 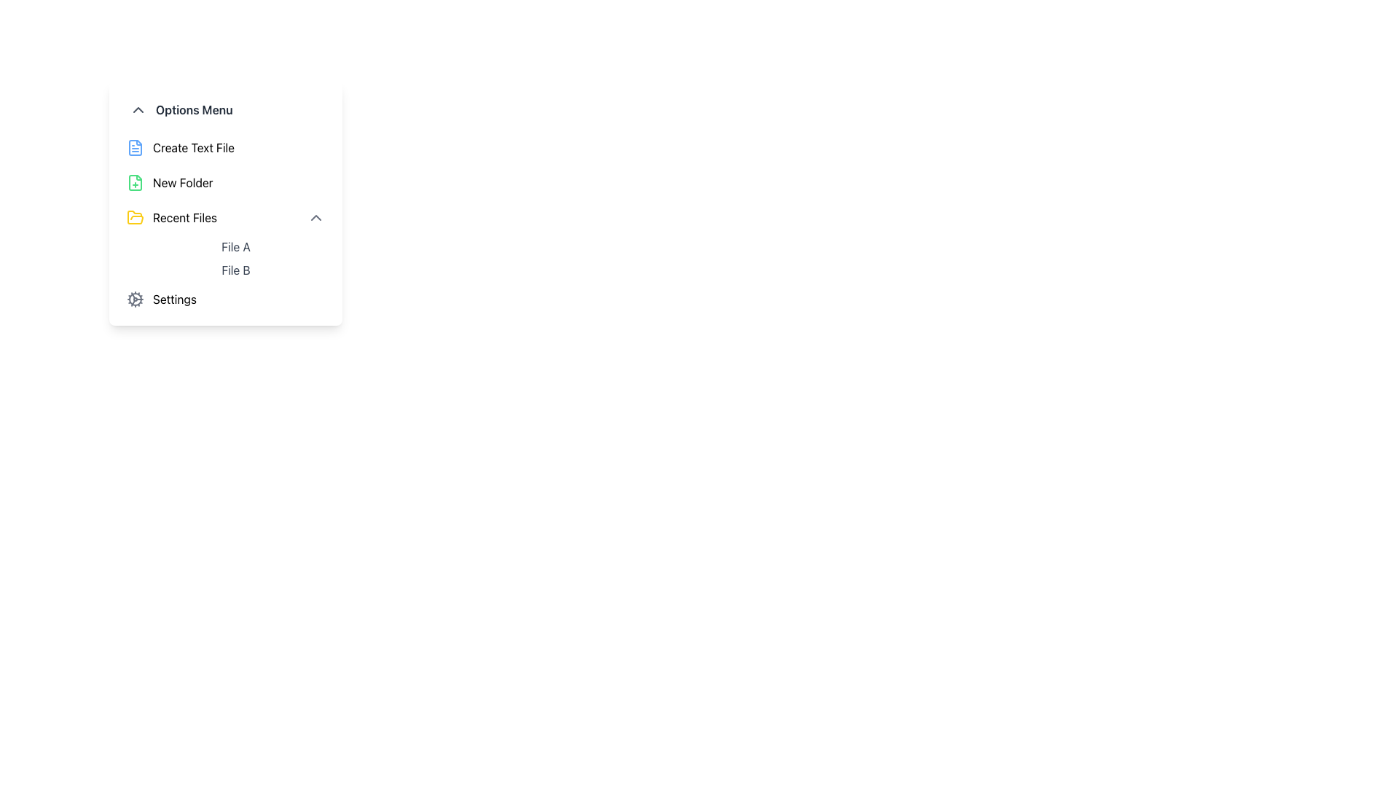 I want to click on the visual indicator icon for the 'Recent Files' menu option, which is located above the 'Settings' item in the vertical menu list, so click(x=136, y=218).